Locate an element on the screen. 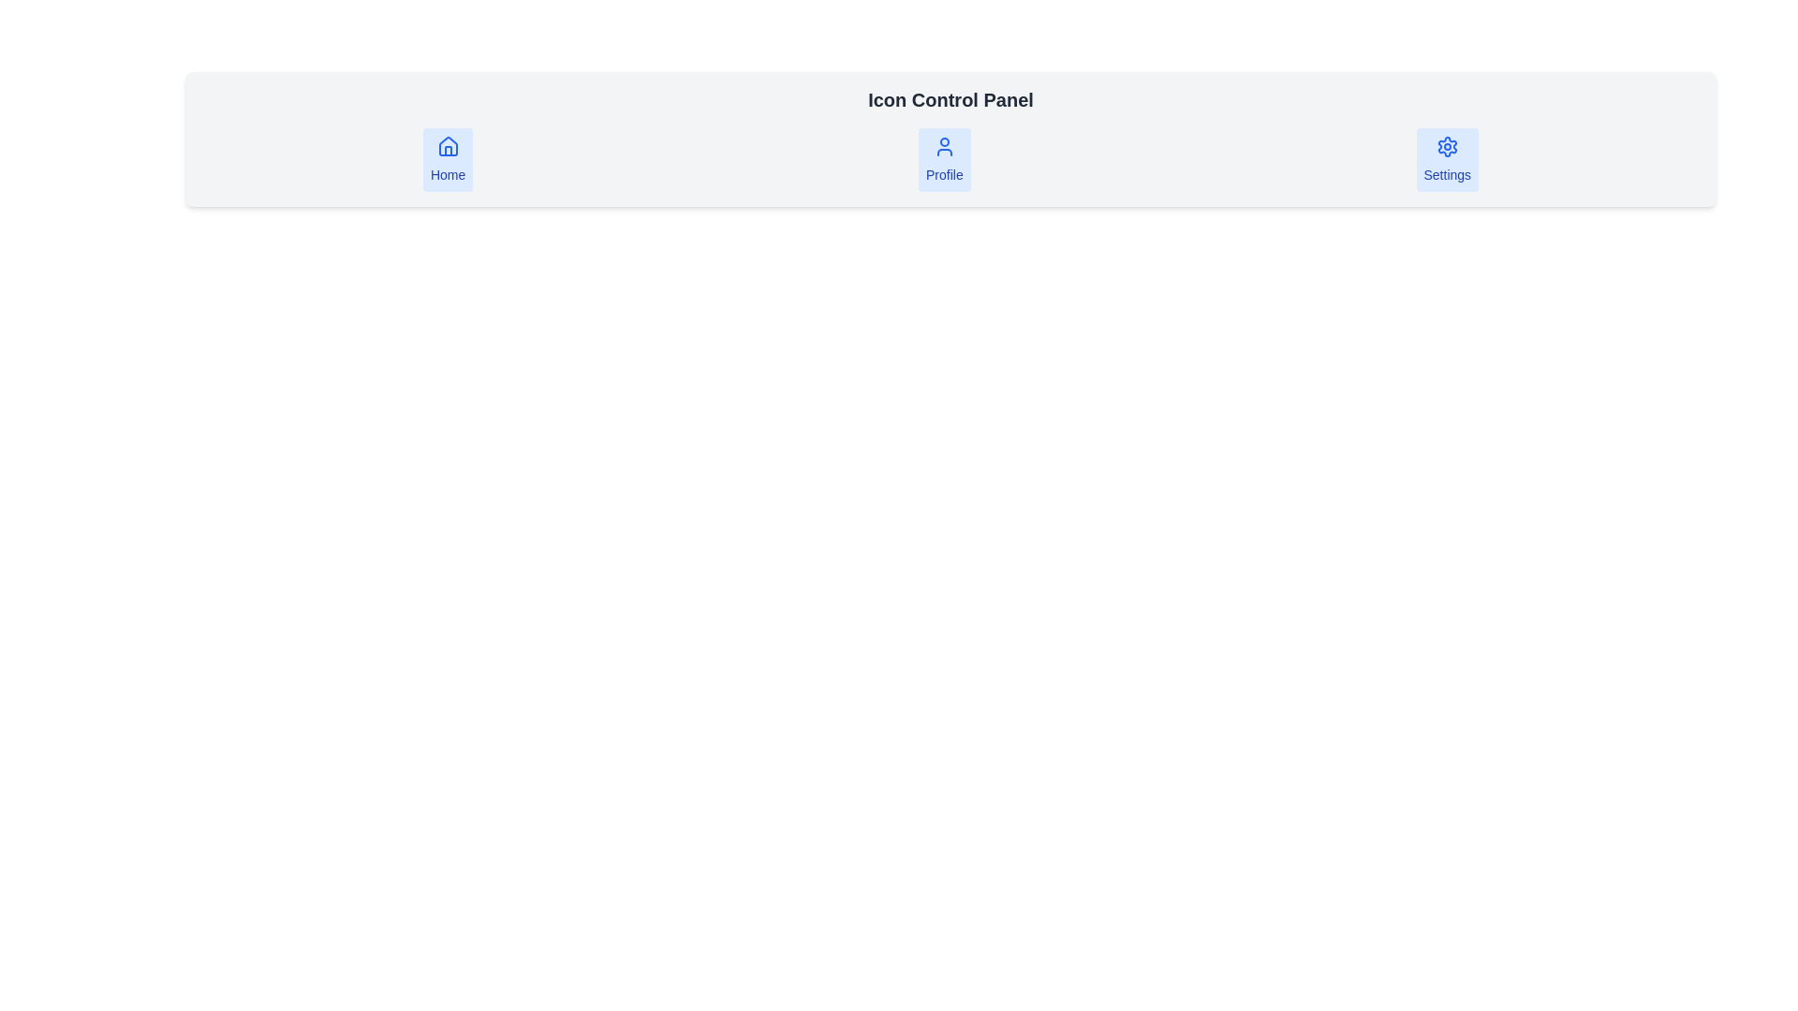 The width and height of the screenshot is (1798, 1011). the Profile button located centrally among three buttons (Home on the left and Settings on the right) is located at coordinates (944, 158).